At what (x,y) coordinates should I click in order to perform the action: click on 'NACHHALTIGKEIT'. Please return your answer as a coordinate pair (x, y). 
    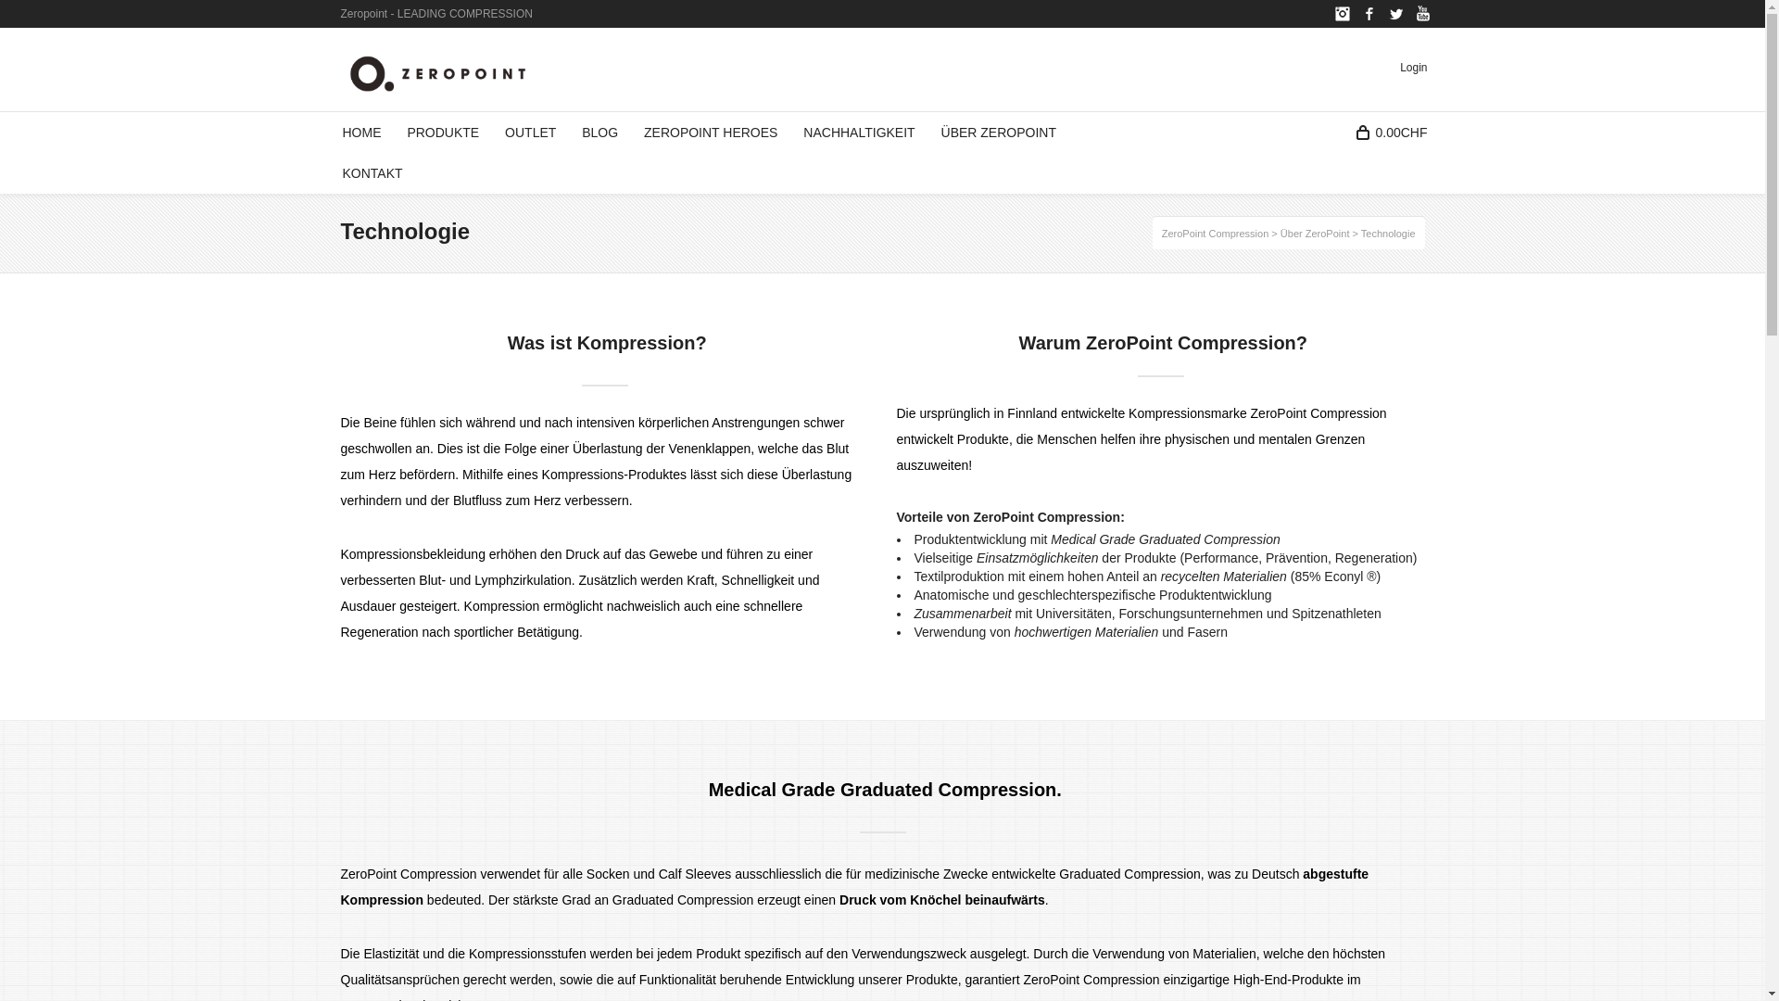
    Looking at the image, I should click on (857, 131).